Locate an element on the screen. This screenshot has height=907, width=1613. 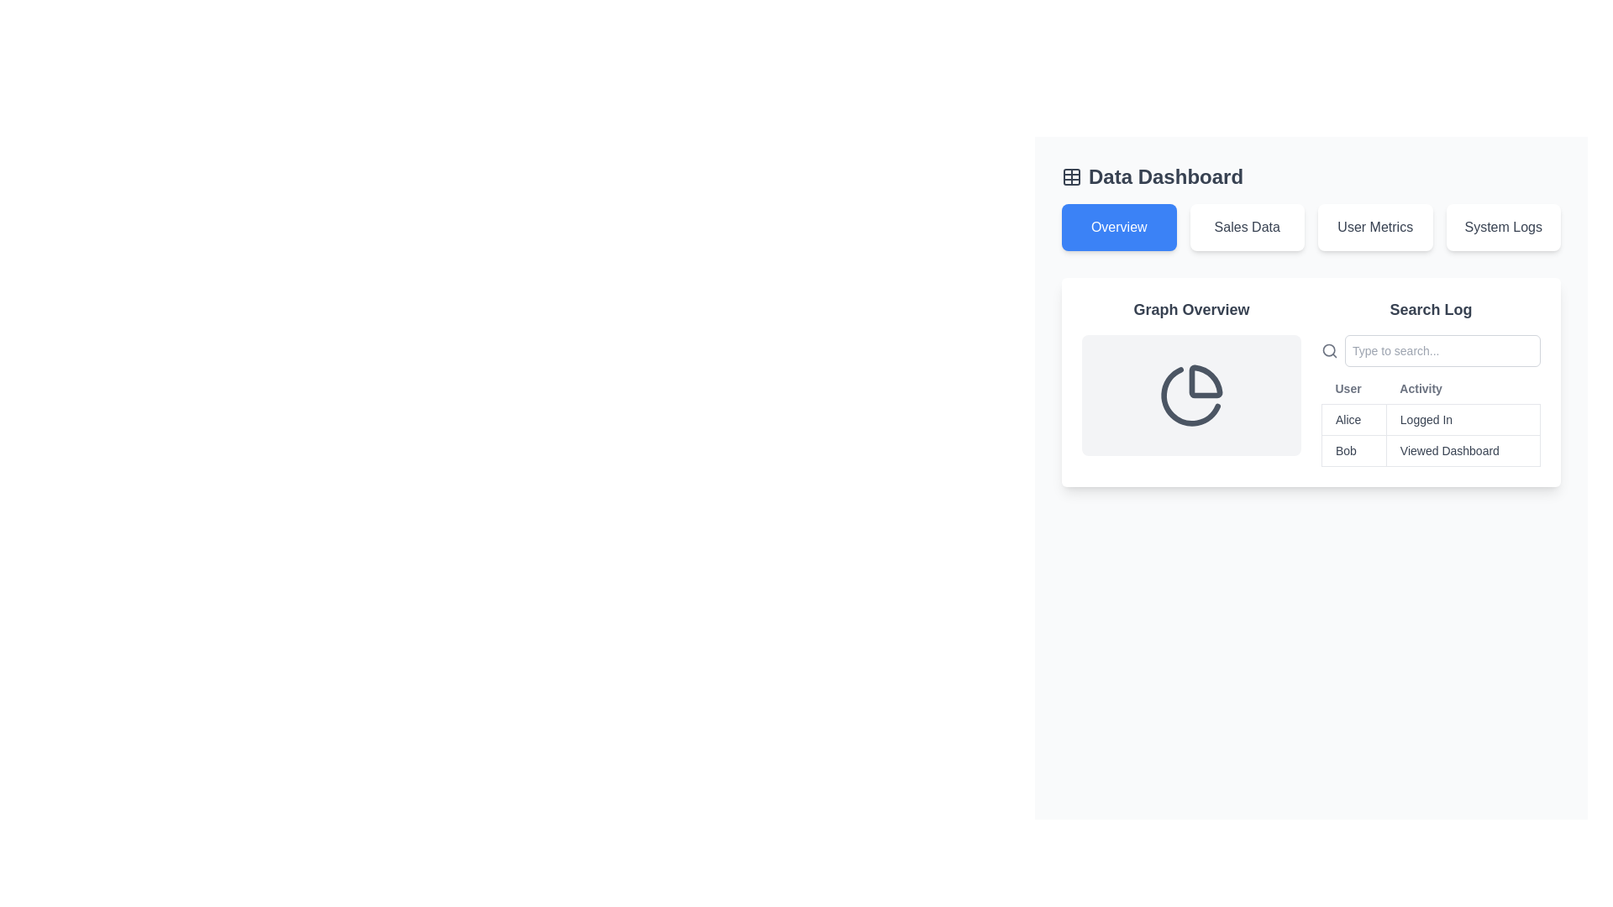
the user's name in the 'Search Log' section, which is the first entry in the 'User' column of the table, positioned above 'Bob' is located at coordinates (1353, 419).